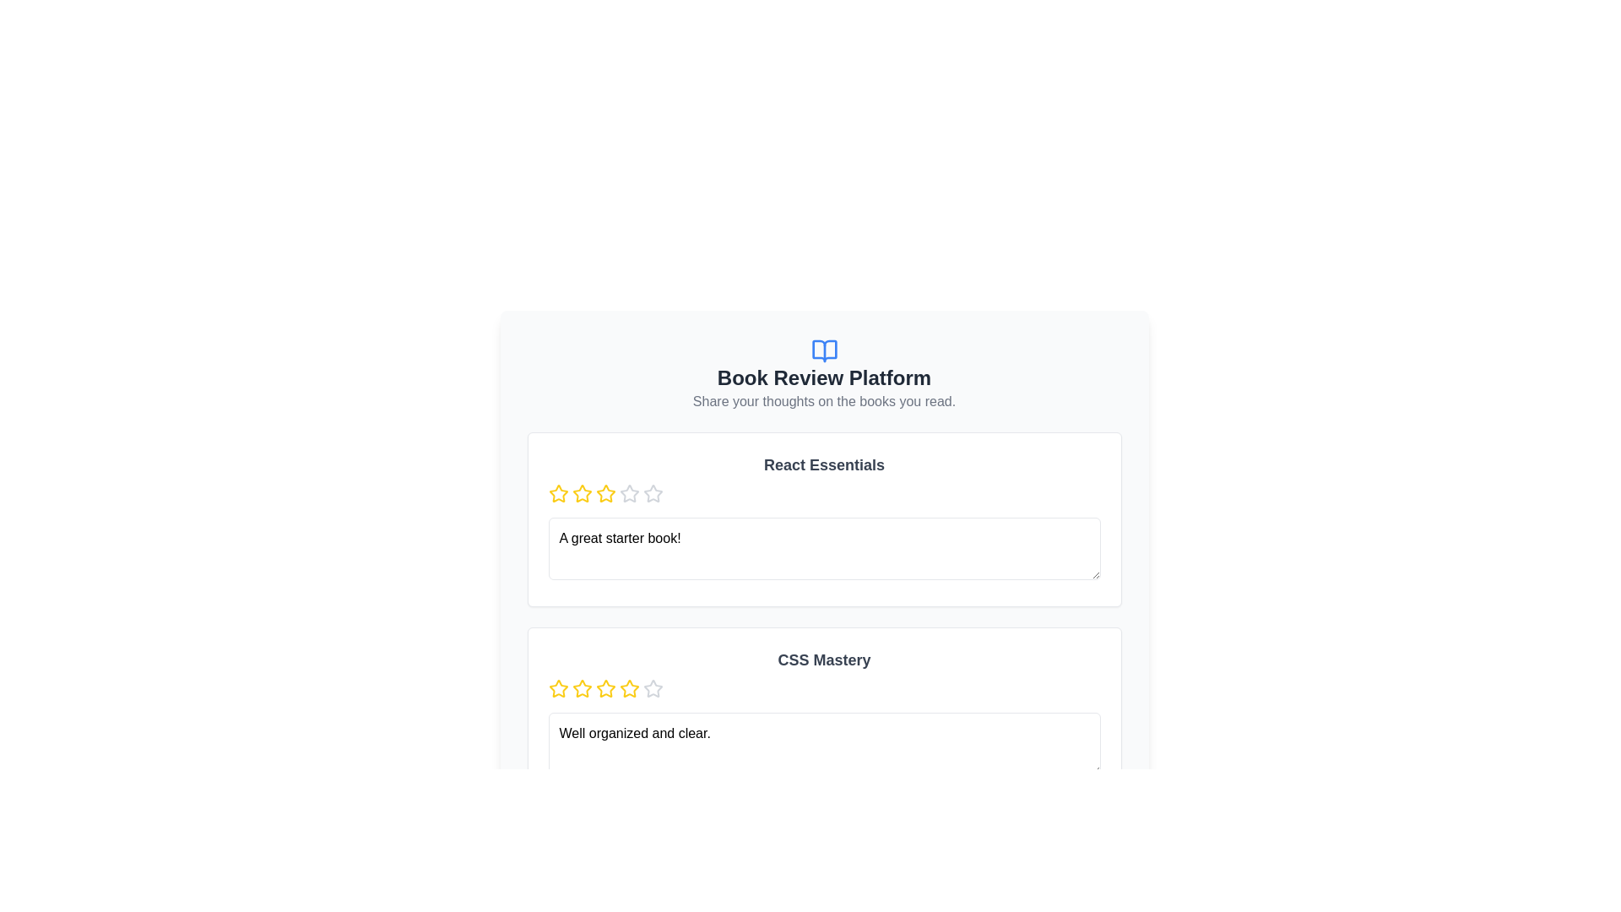 This screenshot has height=912, width=1621. I want to click on the third star icon in the rating bar below the 'CSS Mastery' heading to select a 3-star rating, so click(628, 688).